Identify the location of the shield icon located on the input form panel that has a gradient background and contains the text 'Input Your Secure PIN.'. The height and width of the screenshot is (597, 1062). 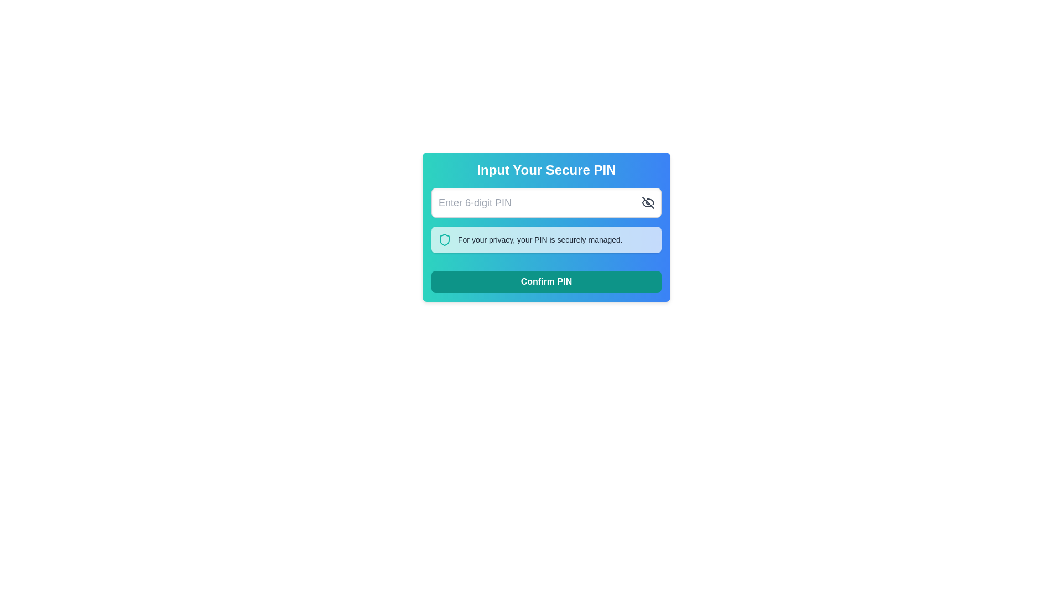
(546, 227).